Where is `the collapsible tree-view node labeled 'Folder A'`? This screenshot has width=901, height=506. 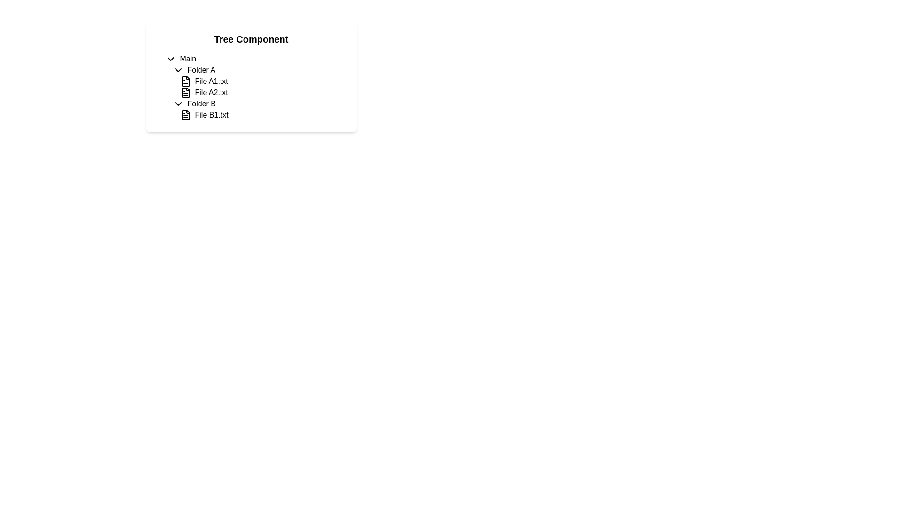 the collapsible tree-view node labeled 'Folder A' is located at coordinates (259, 70).